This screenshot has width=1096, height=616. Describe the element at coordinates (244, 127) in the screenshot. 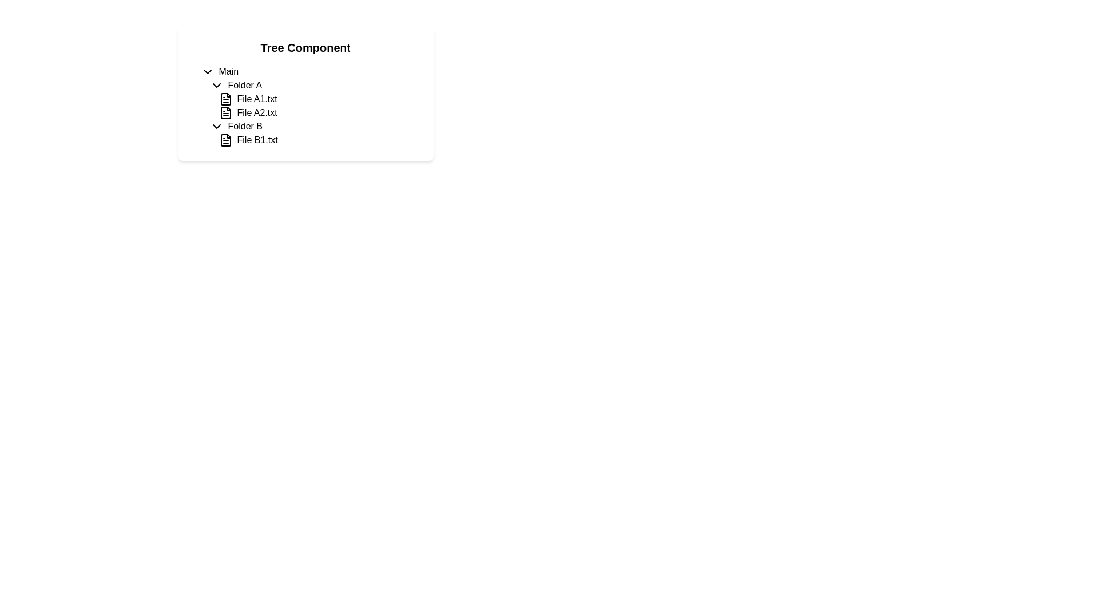

I see `the 'Folder B' text label in the Tree Component` at that location.